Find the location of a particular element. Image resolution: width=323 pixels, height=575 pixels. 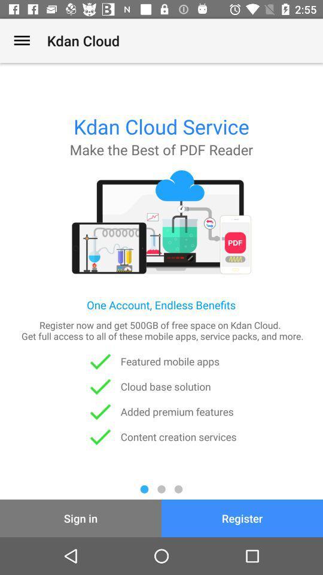

the item next to kdan cloud item is located at coordinates (22, 41).